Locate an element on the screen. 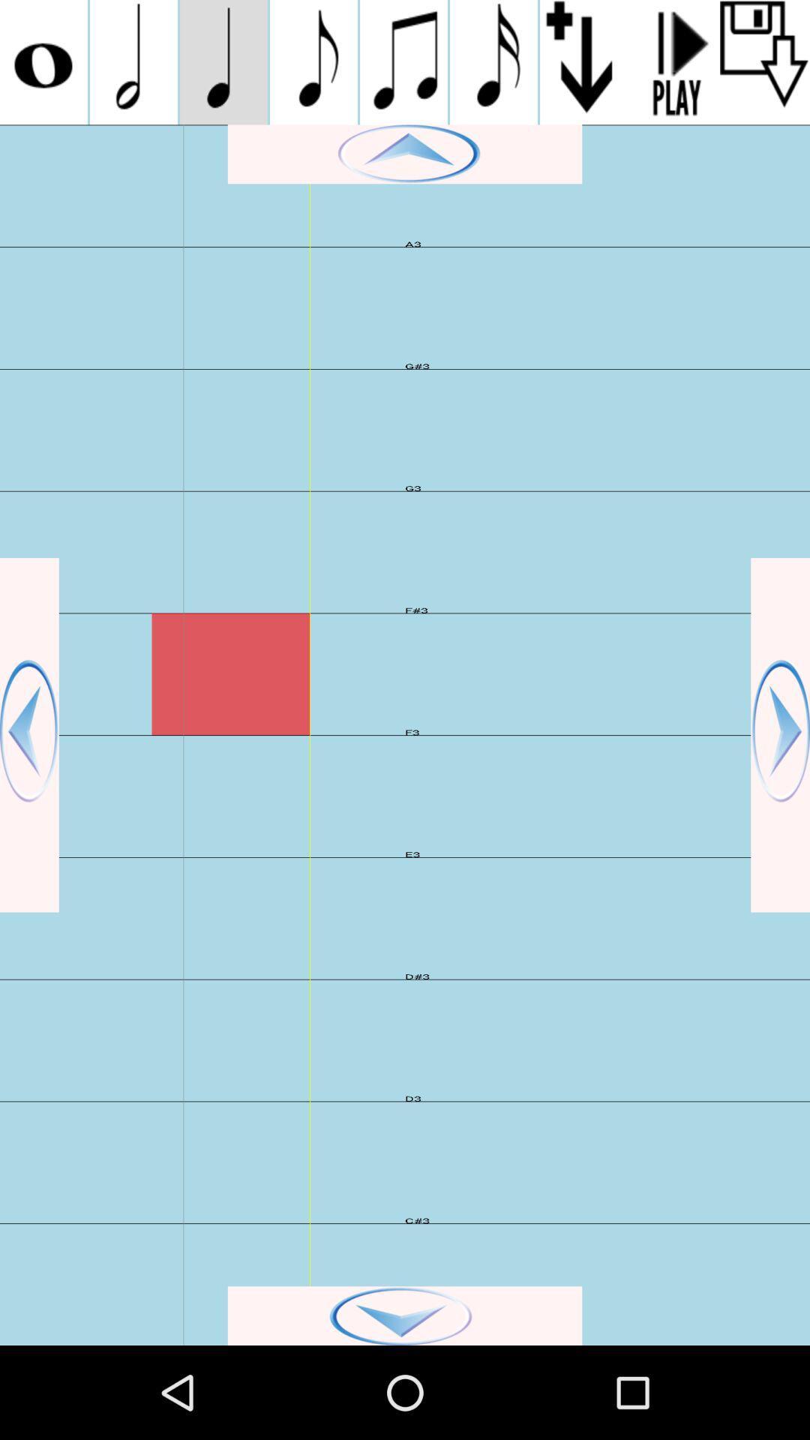  row is located at coordinates (583, 61).